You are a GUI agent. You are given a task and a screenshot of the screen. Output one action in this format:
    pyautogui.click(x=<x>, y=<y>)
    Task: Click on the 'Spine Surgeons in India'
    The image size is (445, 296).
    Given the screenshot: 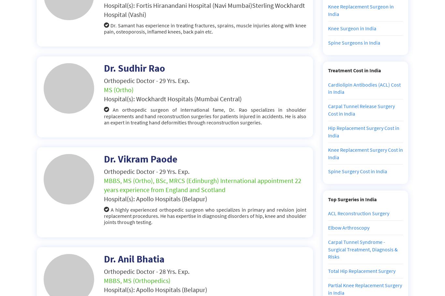 What is the action you would take?
    pyautogui.click(x=353, y=42)
    